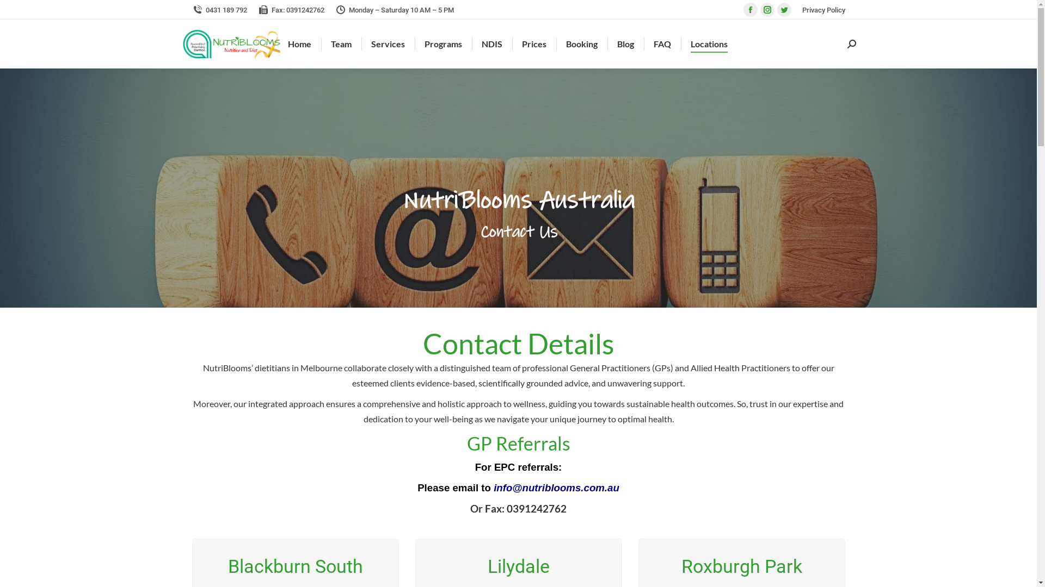  What do you see at coordinates (443, 43) in the screenshot?
I see `'Programs'` at bounding box center [443, 43].